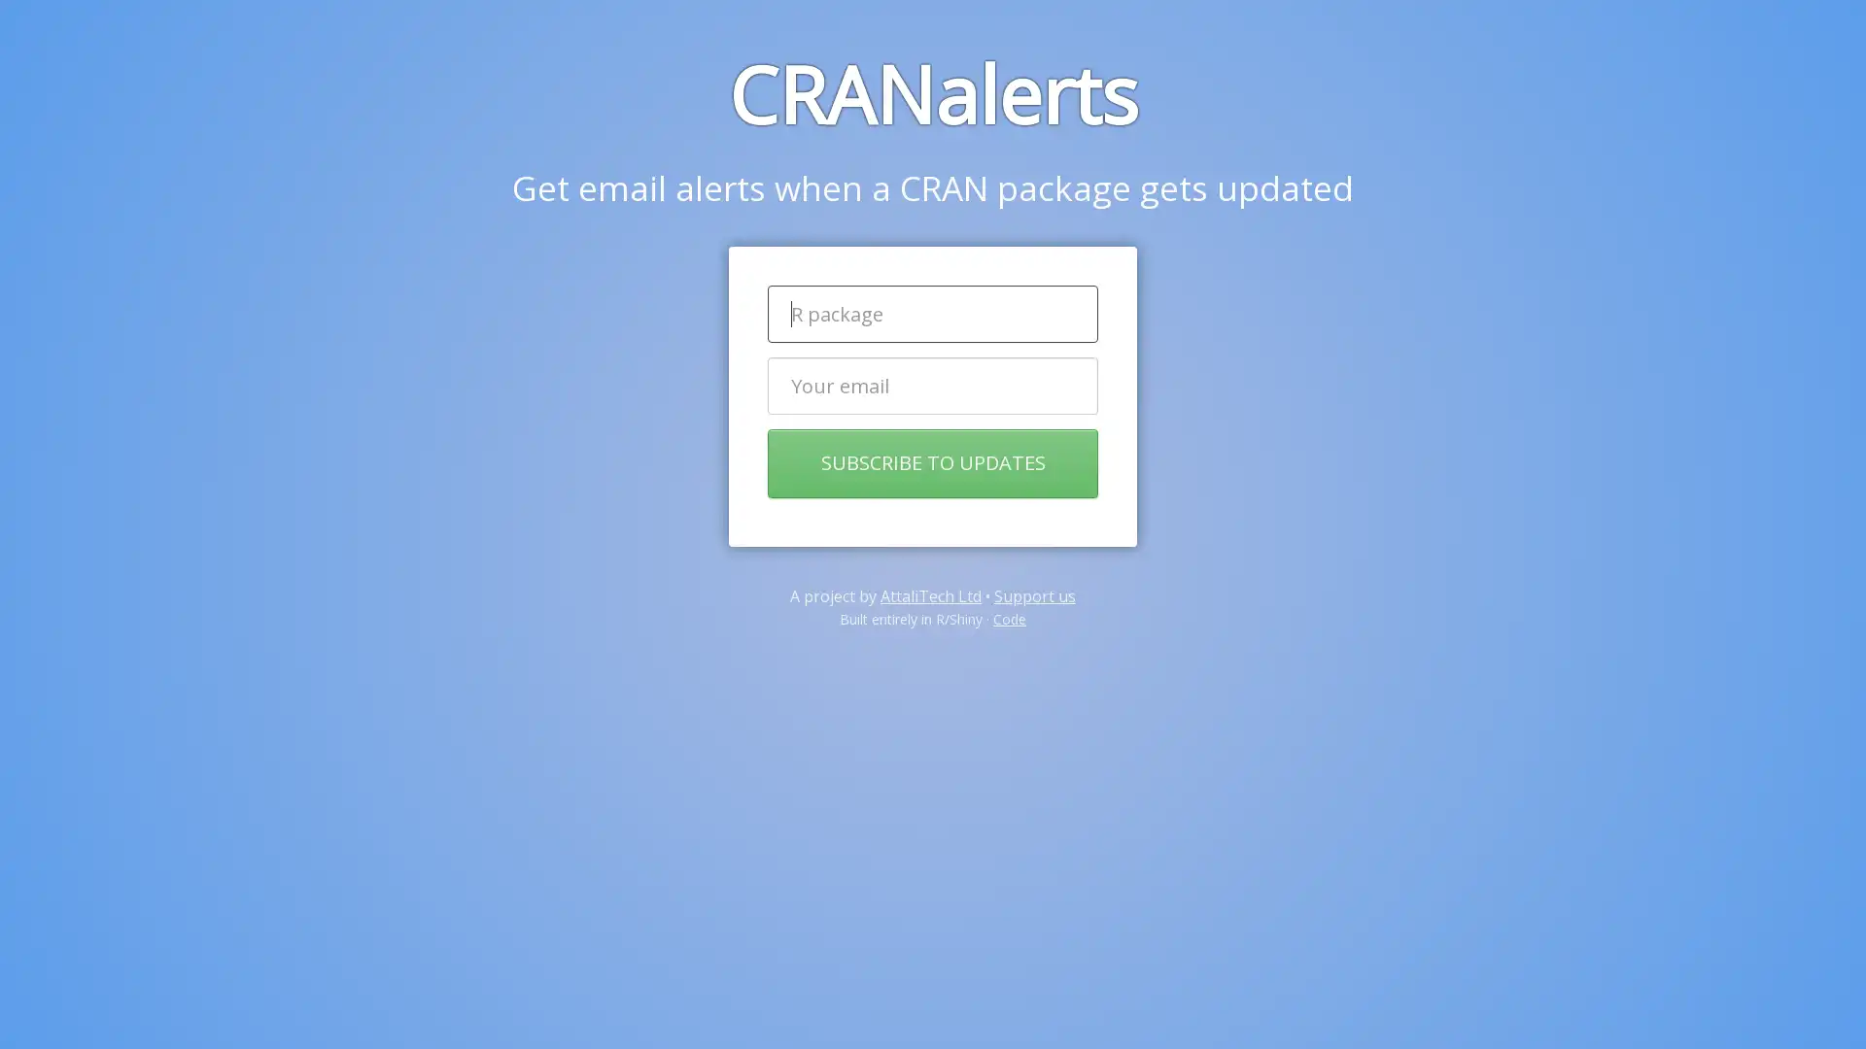  Describe the element at coordinates (933, 463) in the screenshot. I see `SUBSCRIBE TO UPDATES` at that location.